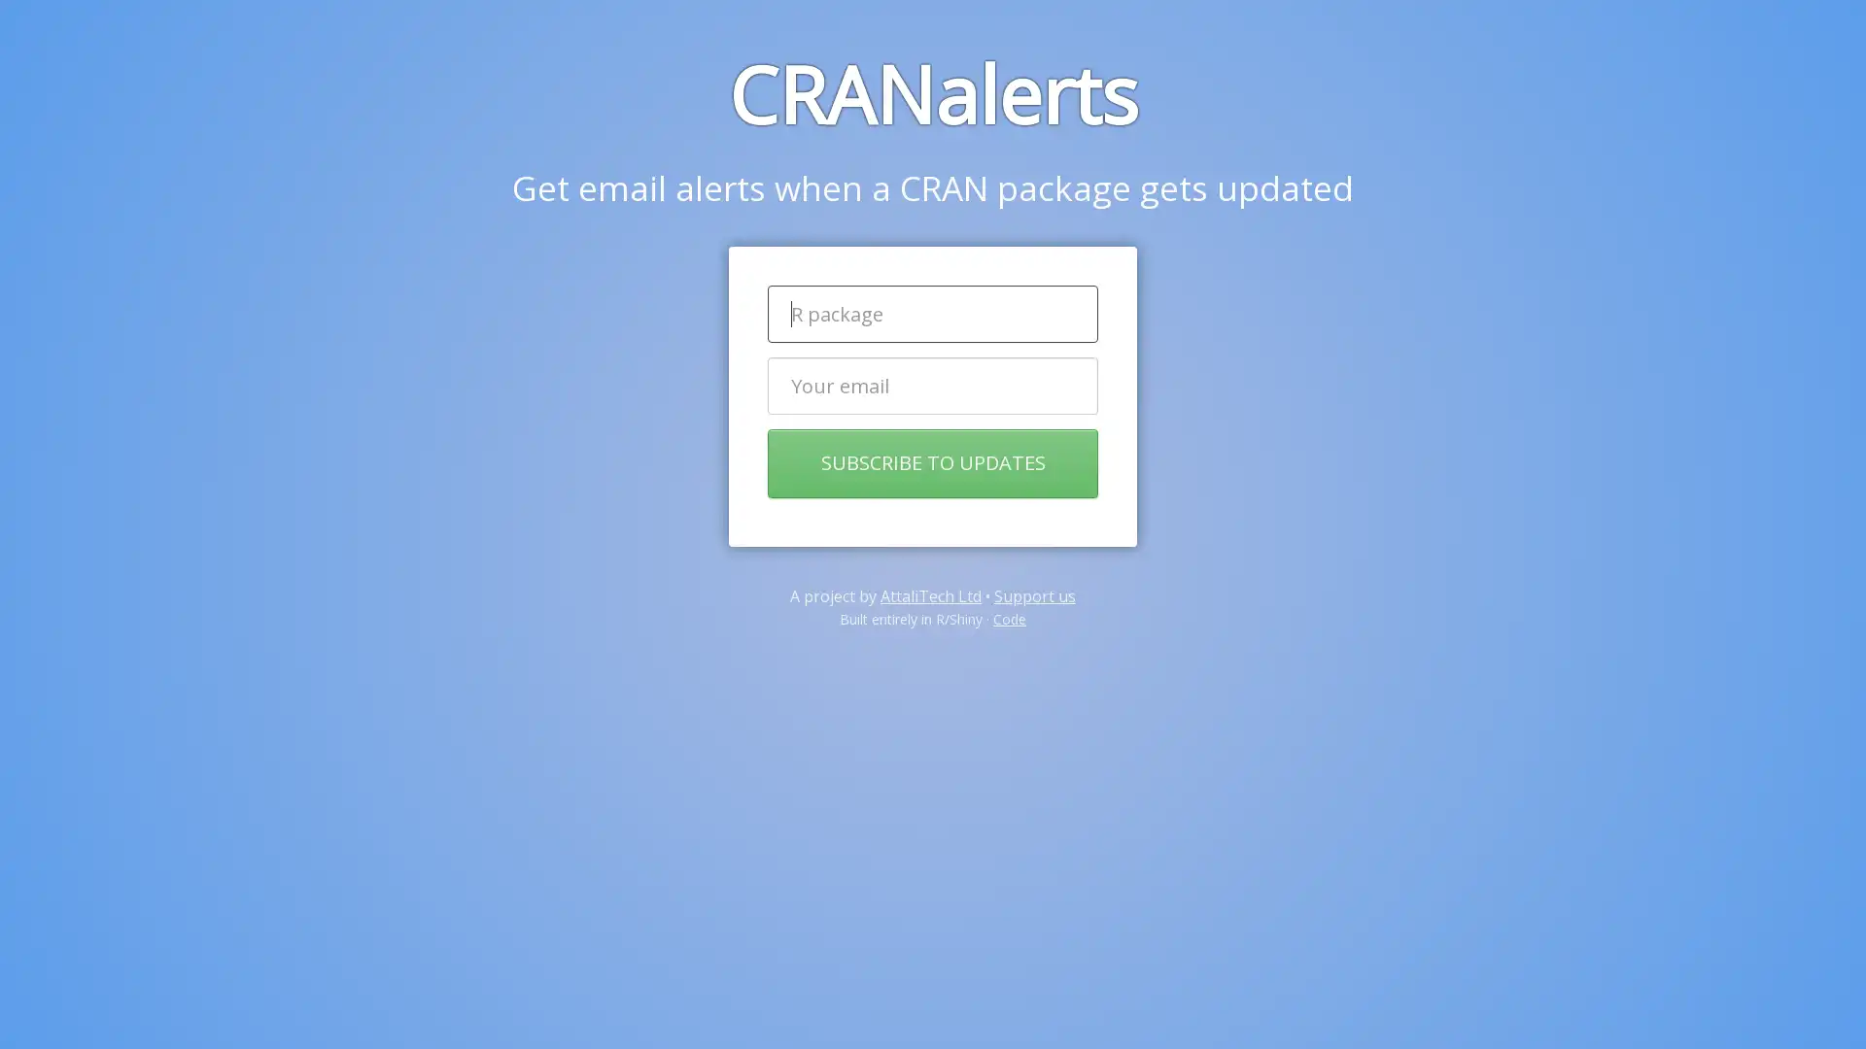  Describe the element at coordinates (933, 463) in the screenshot. I see `SUBSCRIBE TO UPDATES` at that location.